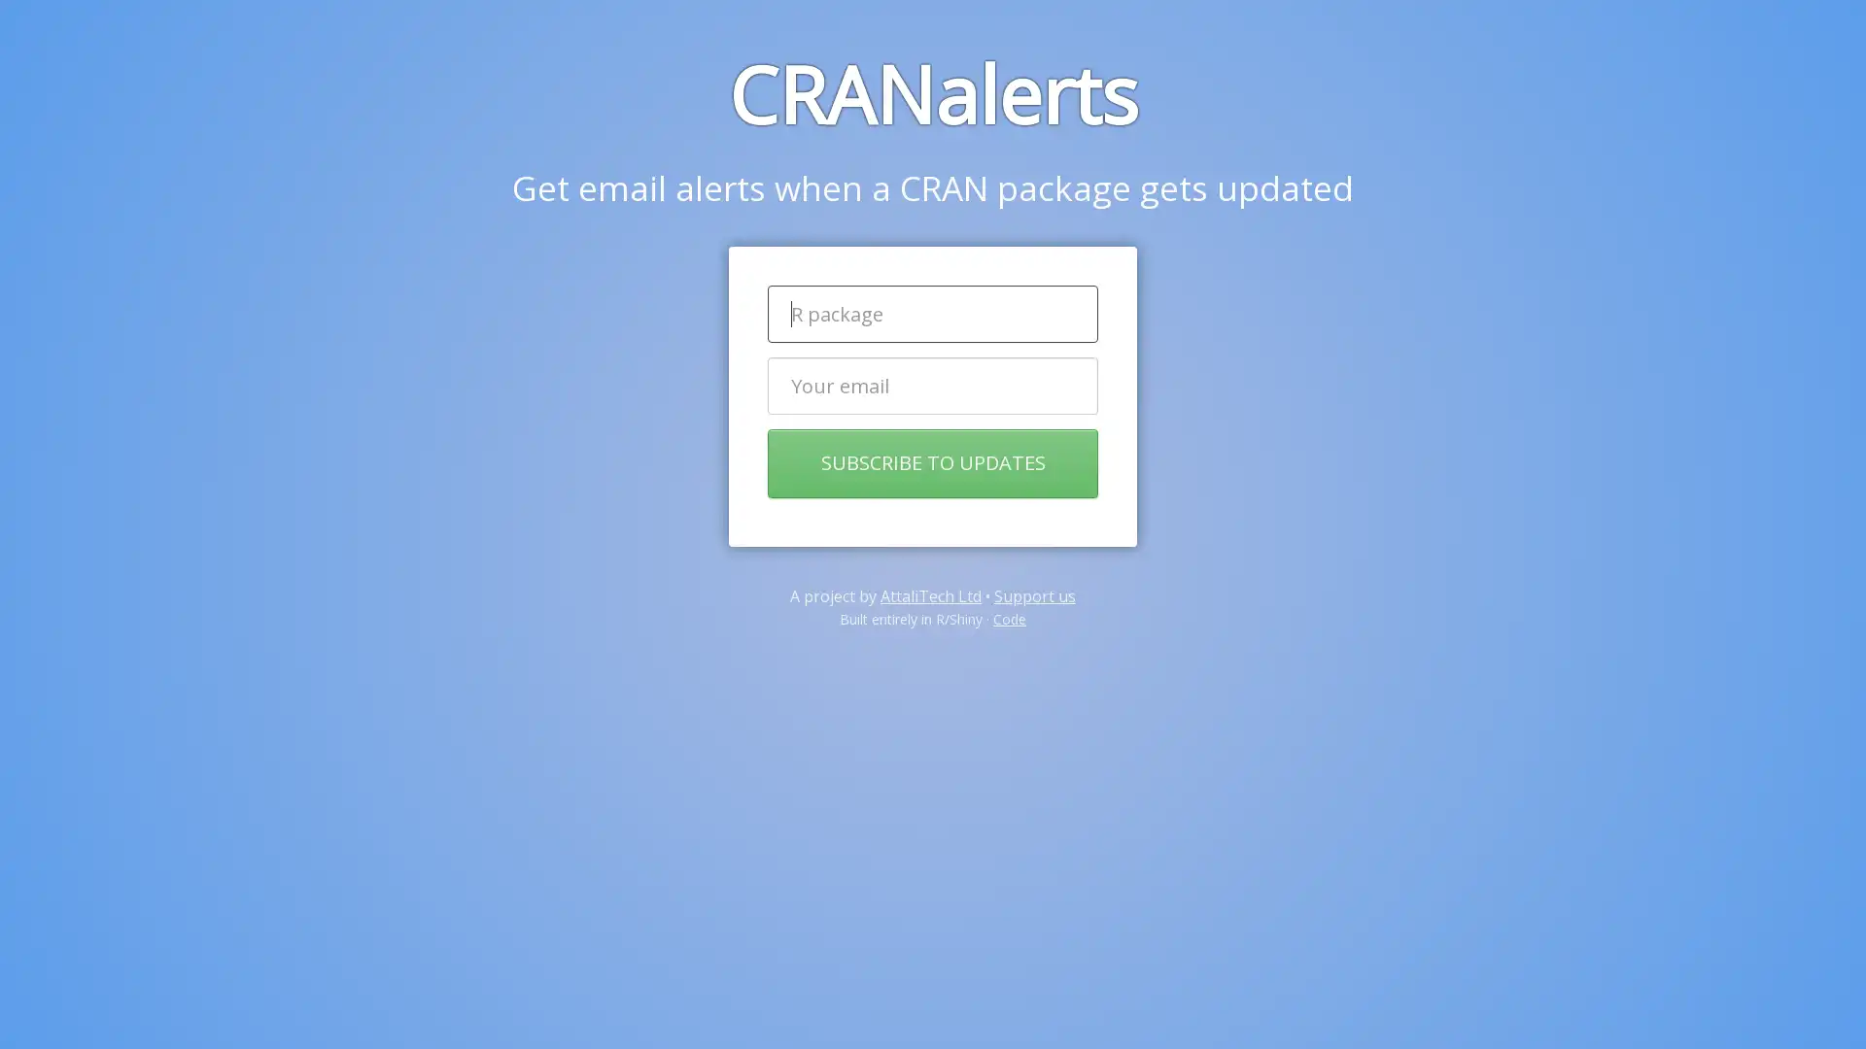  Describe the element at coordinates (933, 463) in the screenshot. I see `SUBSCRIBE TO UPDATES` at that location.